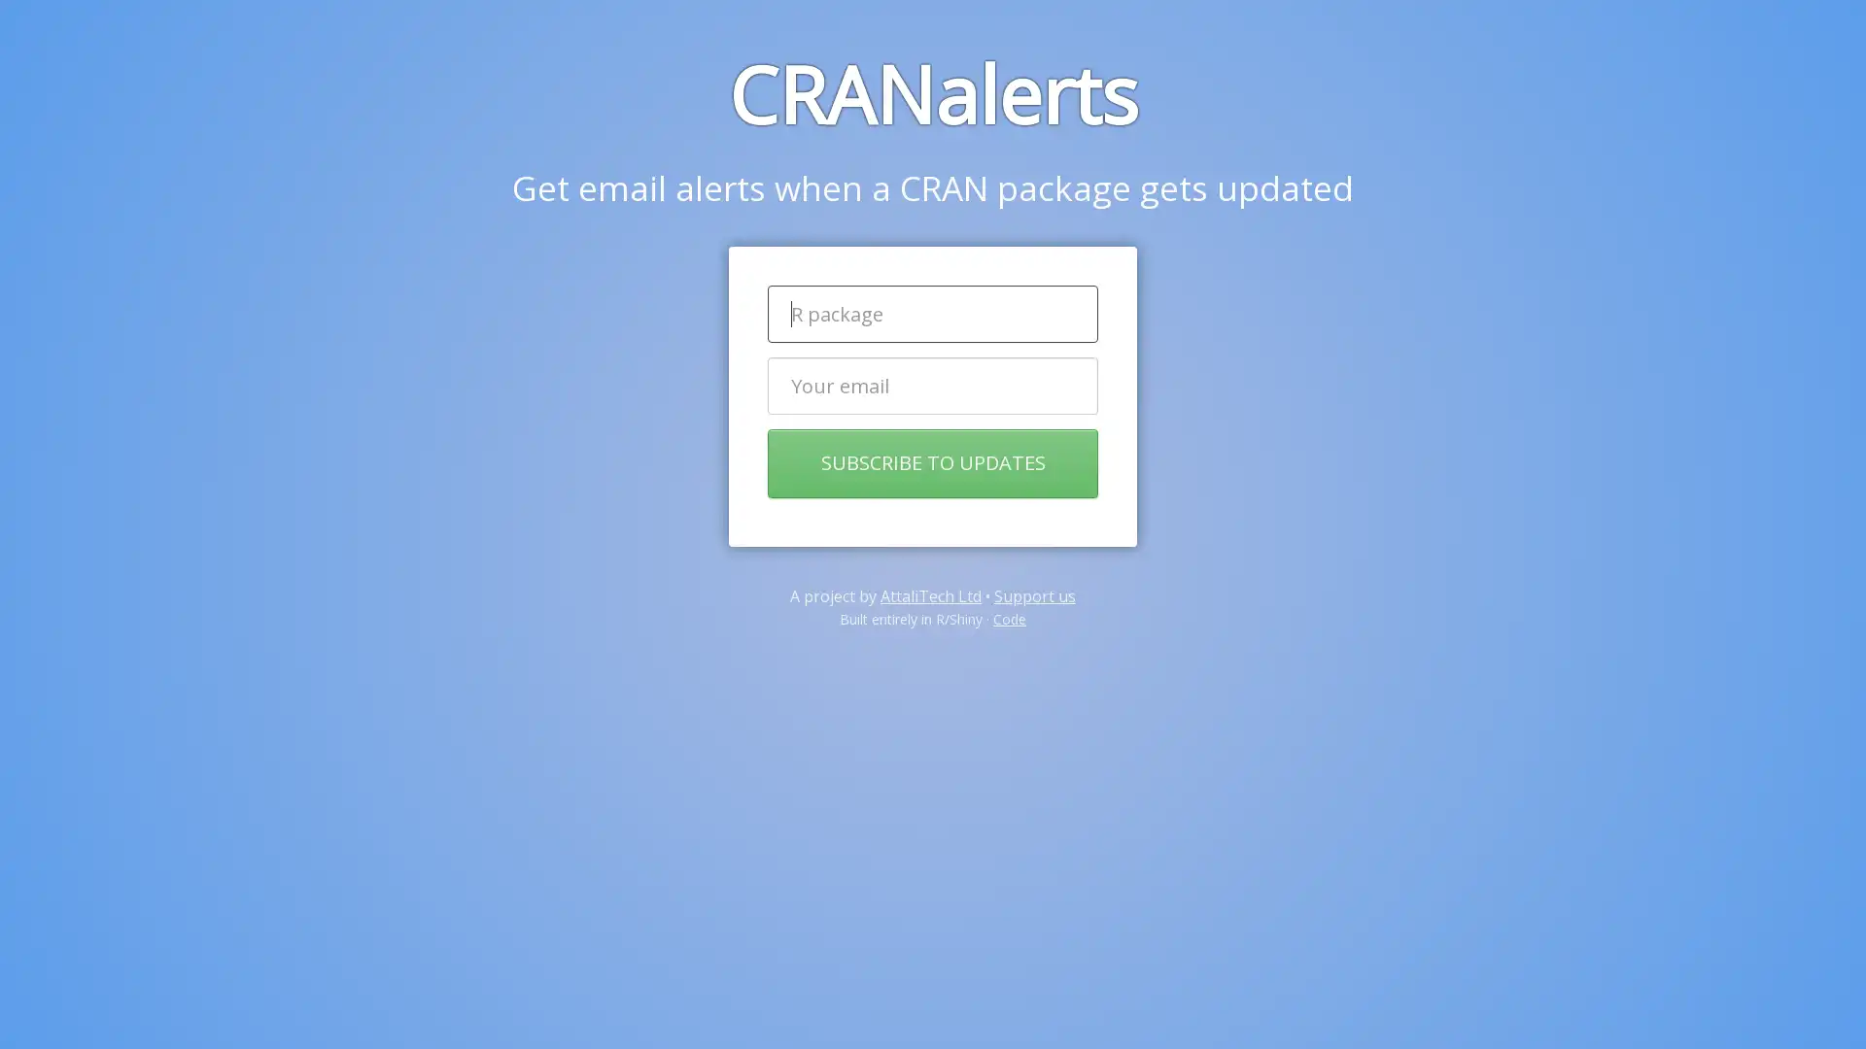  Describe the element at coordinates (933, 463) in the screenshot. I see `SUBSCRIBE TO UPDATES` at that location.